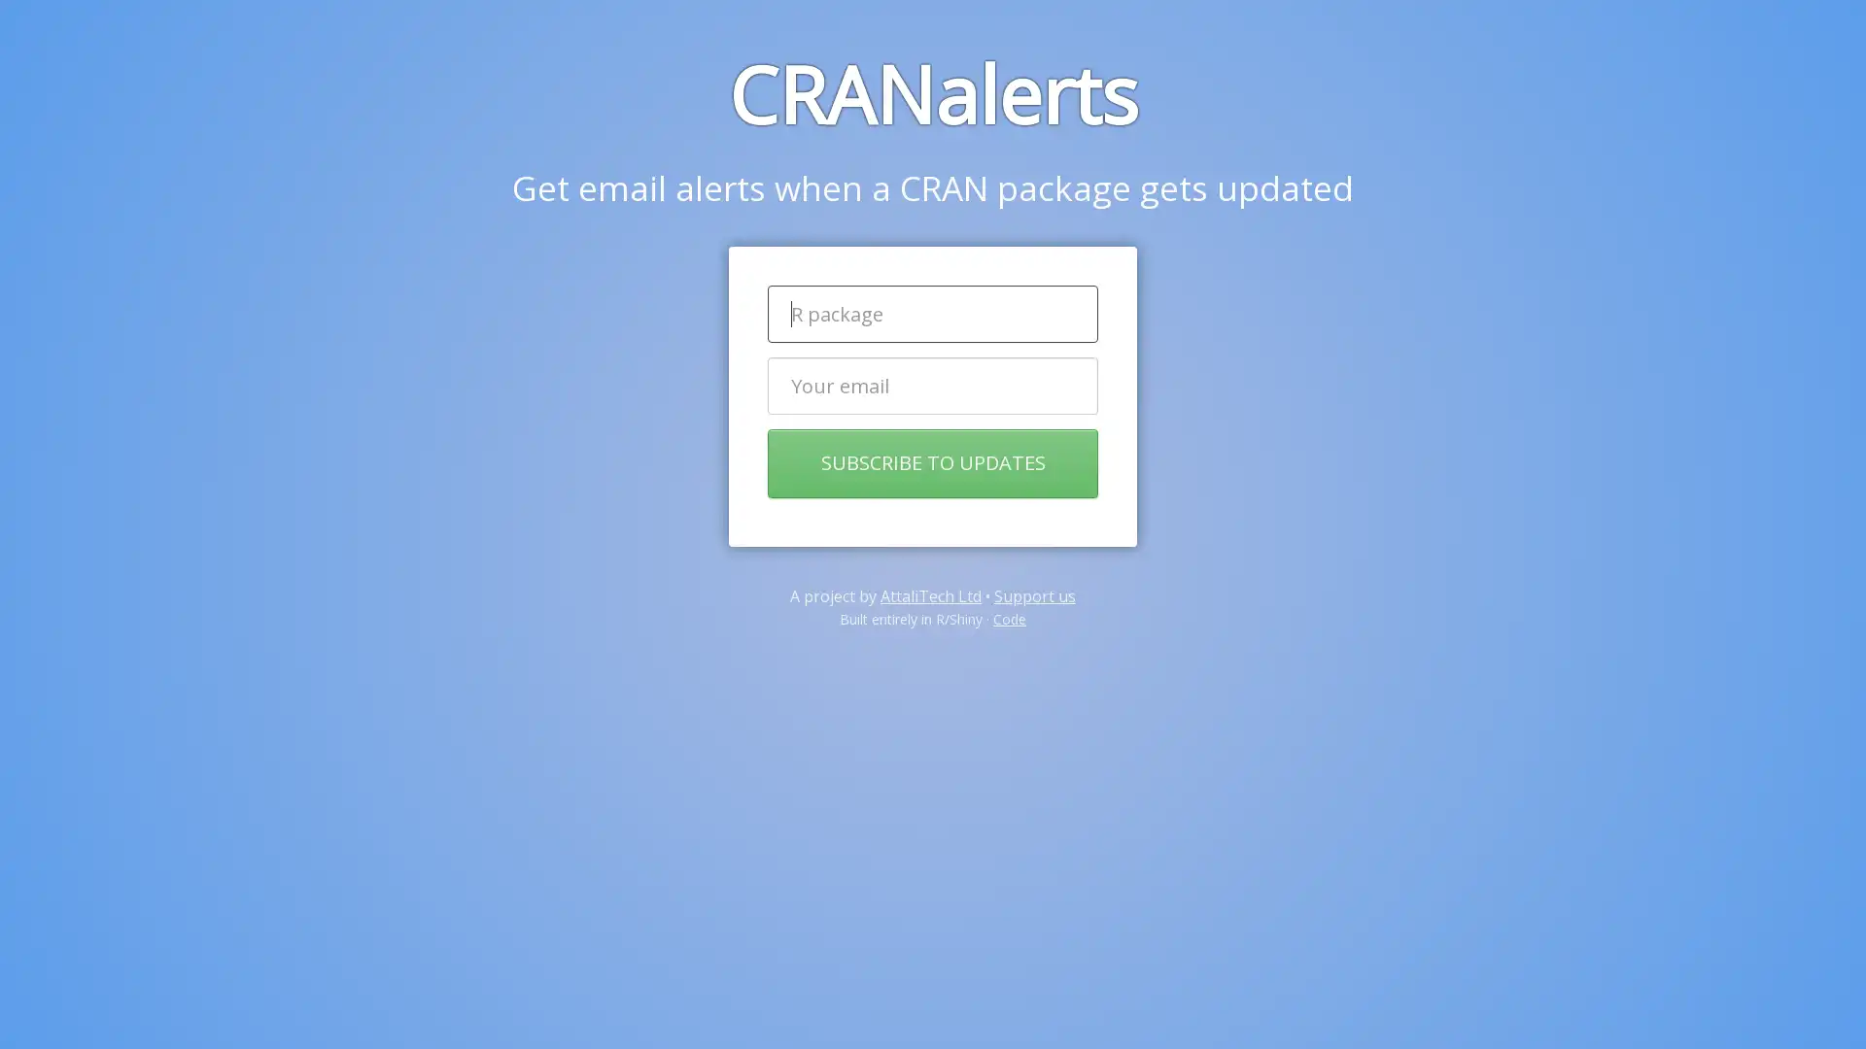  Describe the element at coordinates (933, 463) in the screenshot. I see `SUBSCRIBE TO UPDATES` at that location.